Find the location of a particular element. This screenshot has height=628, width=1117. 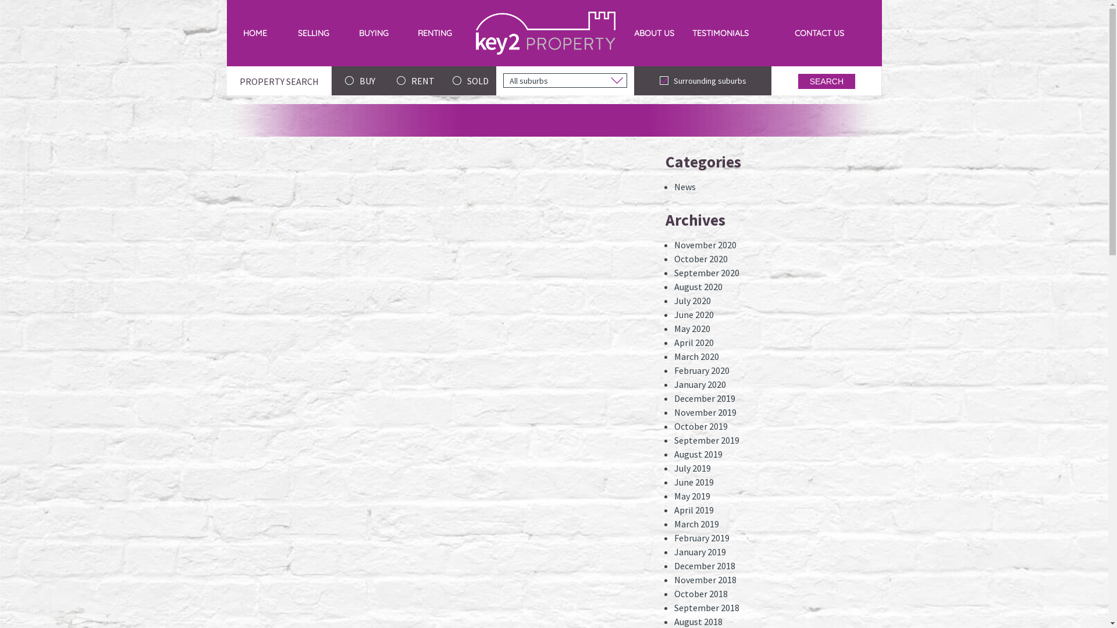

'August 2019' is located at coordinates (698, 453).